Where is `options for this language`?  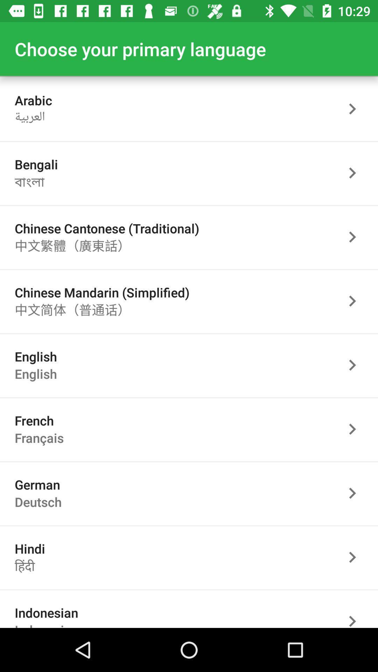 options for this language is located at coordinates (356, 557).